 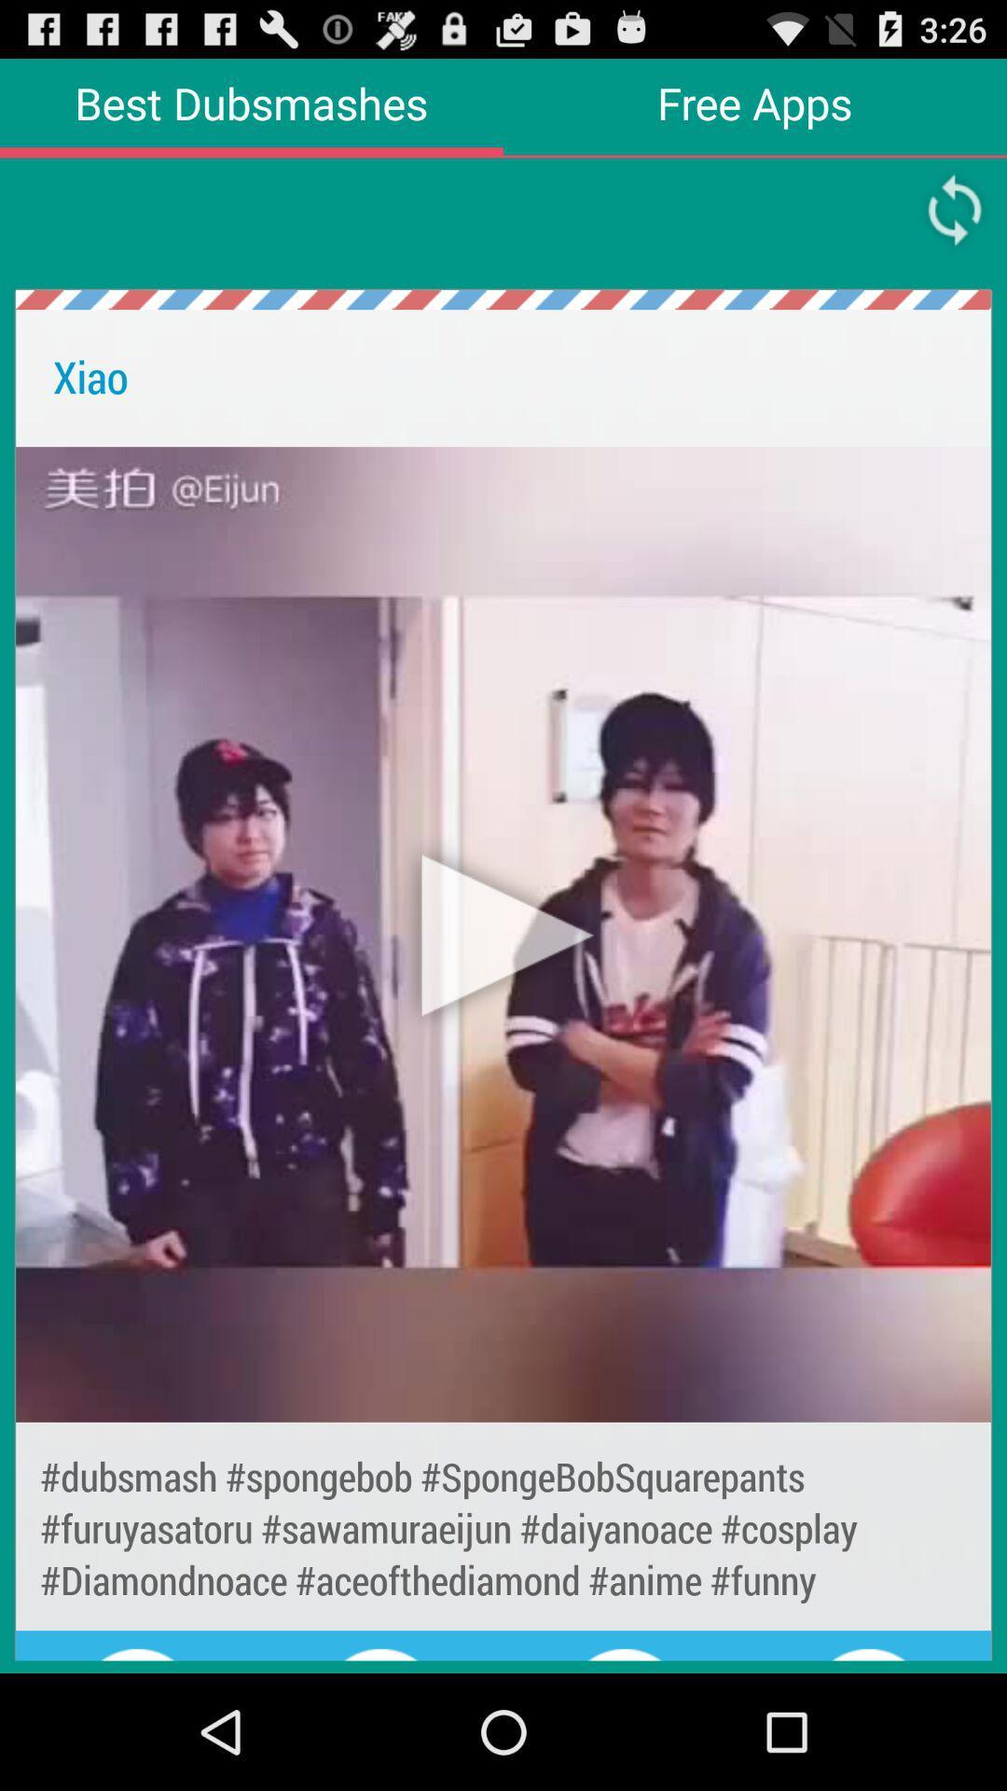 What do you see at coordinates (955, 210) in the screenshot?
I see `replay` at bounding box center [955, 210].